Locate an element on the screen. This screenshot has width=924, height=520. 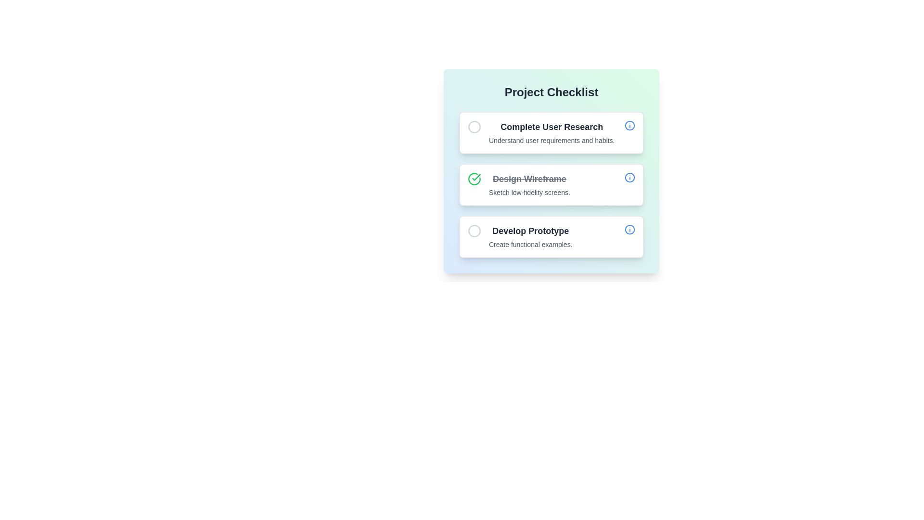
the circular component with a blue border located in the bottom-right corner of the 'Develop Prototype' checklist item, which resembles an information symbol is located at coordinates (630, 230).